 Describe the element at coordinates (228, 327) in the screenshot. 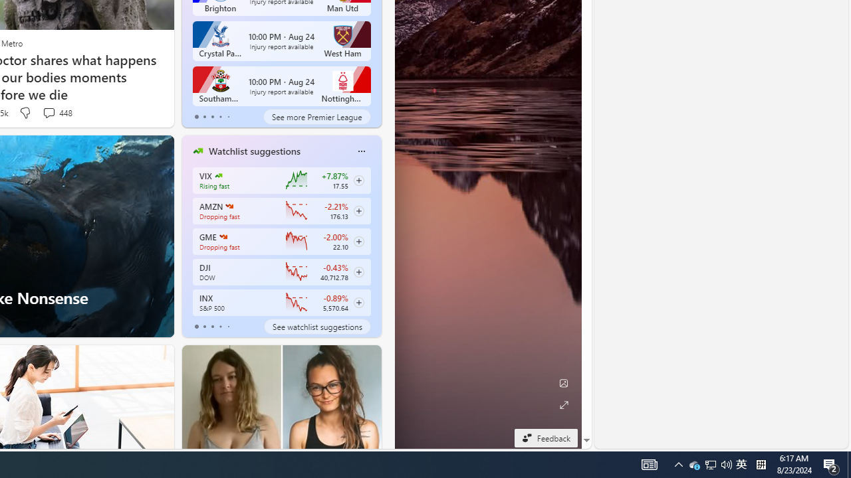

I see `'tab-4'` at that location.